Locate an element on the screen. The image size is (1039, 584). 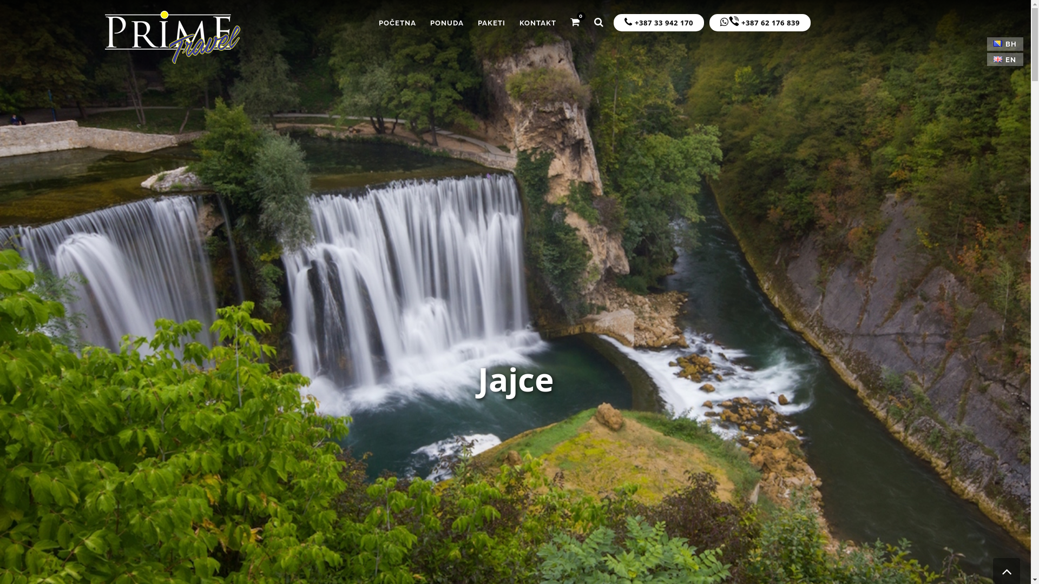
'+387 33 942 170' is located at coordinates (613, 23).